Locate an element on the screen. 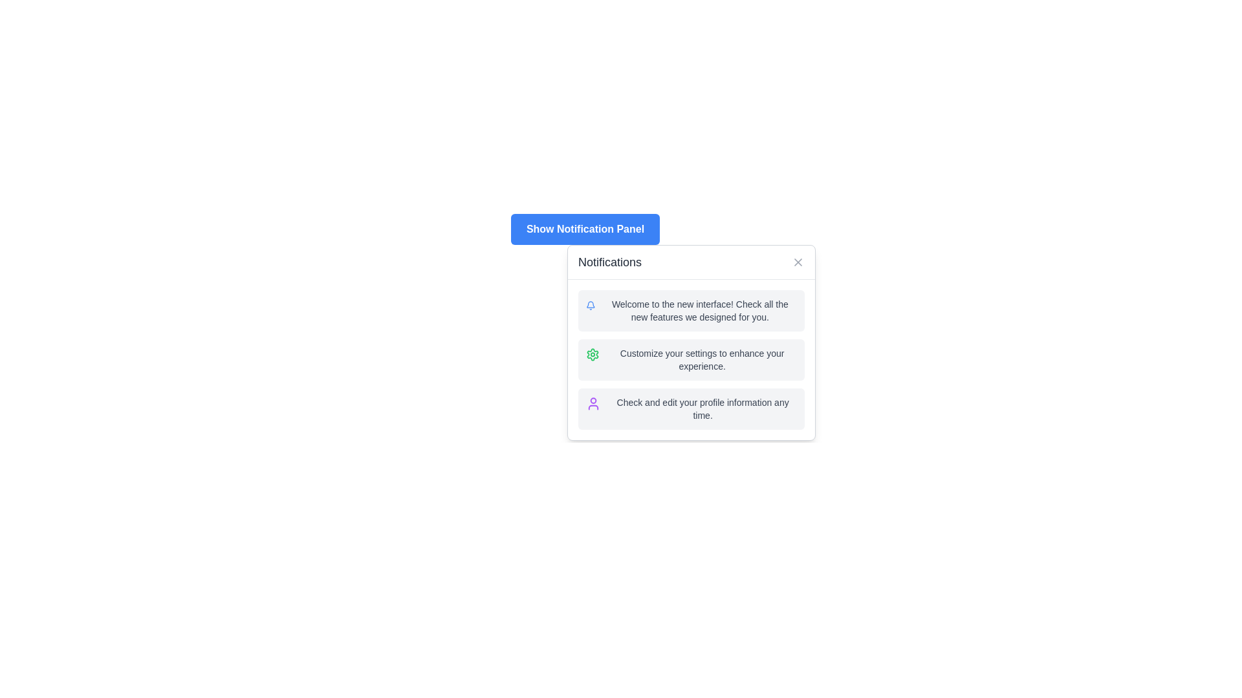 This screenshot has height=698, width=1242. the button that toggles the visibility of the notification panel is located at coordinates (584, 228).